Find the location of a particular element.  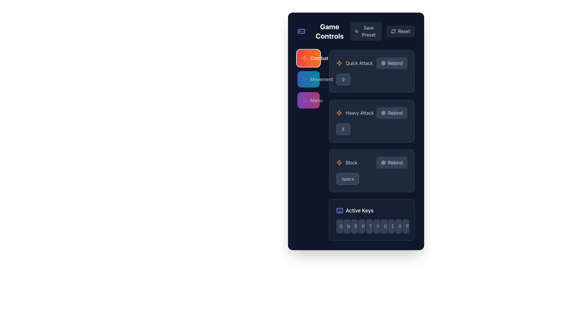

the circular refresh icon with a thin white outline, located in the top-right corner next to the 'Save Preset' button is located at coordinates (393, 31).